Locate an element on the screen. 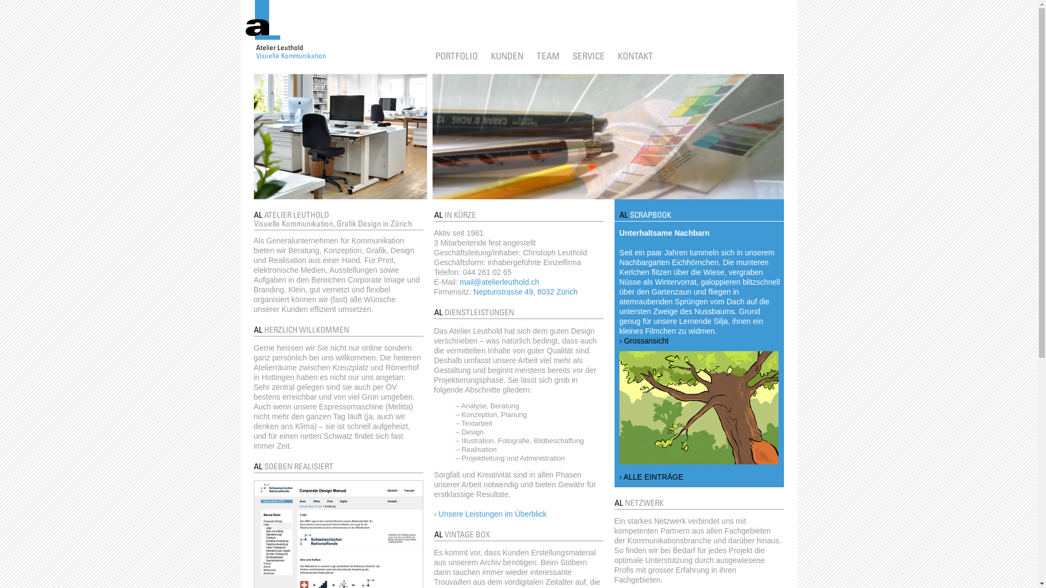 The width and height of the screenshot is (1046, 588). 'mail@atelierleuthold.ch' is located at coordinates (498, 281).